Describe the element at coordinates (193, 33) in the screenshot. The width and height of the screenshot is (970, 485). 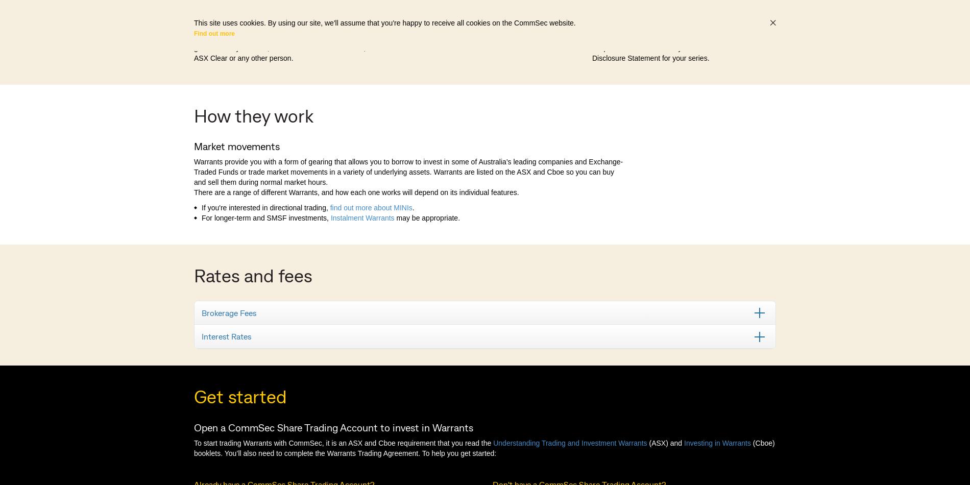
I see `'Find out more'` at that location.